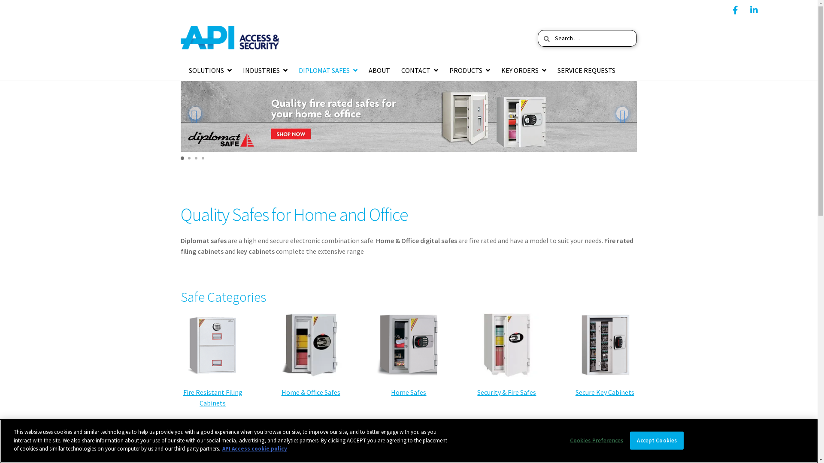  I want to click on 'Search', so click(537, 29).